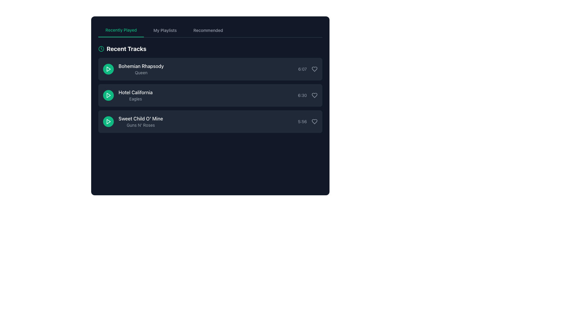 Image resolution: width=572 pixels, height=322 pixels. Describe the element at coordinates (108, 69) in the screenshot. I see `the playback button for 'Bohemian Rhapsody' by Queen` at that location.